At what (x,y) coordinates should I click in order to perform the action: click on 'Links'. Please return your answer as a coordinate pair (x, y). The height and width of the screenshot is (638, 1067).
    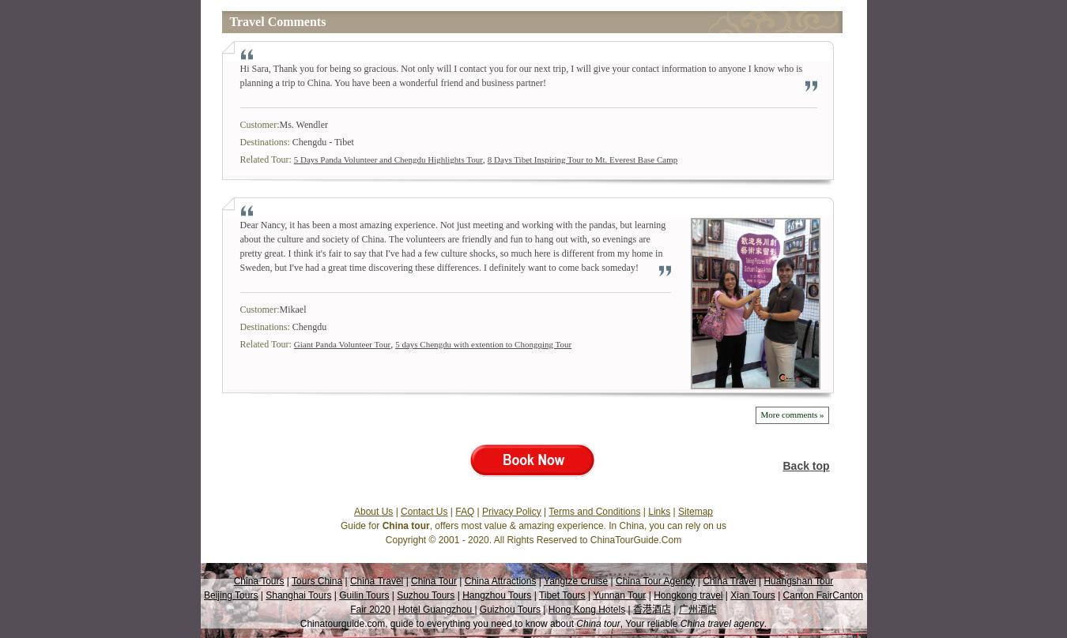
    Looking at the image, I should click on (659, 510).